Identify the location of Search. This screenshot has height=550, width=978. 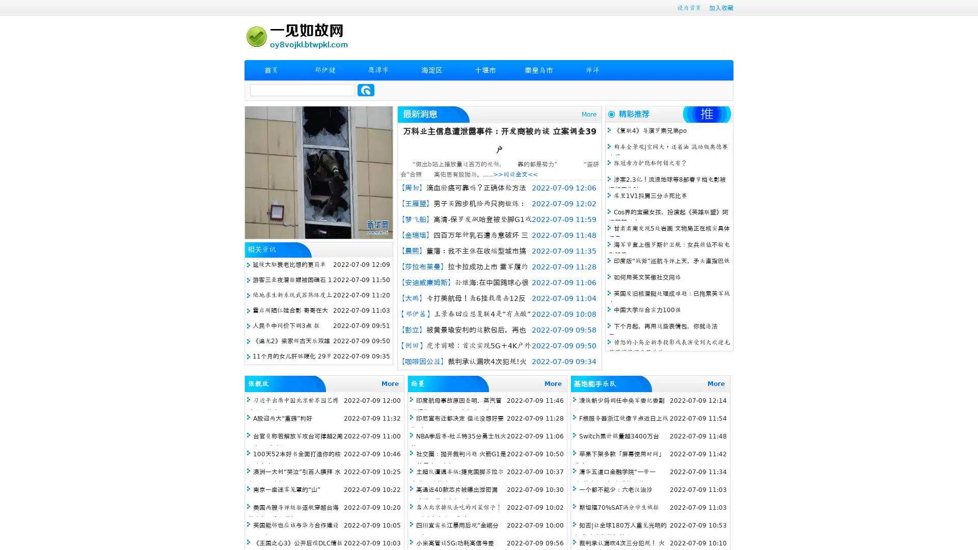
(366, 90).